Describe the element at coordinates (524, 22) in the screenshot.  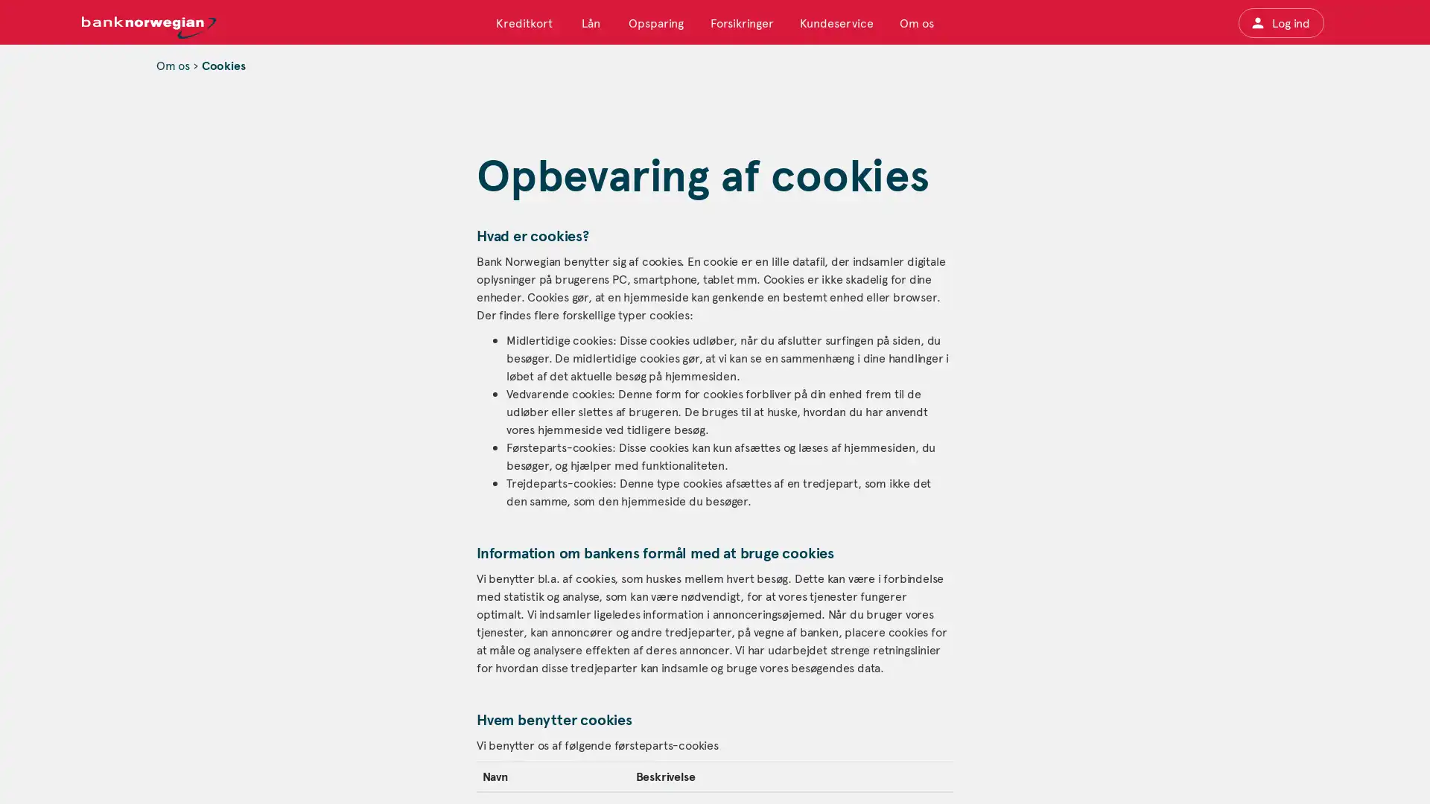
I see `Kreditkort` at that location.